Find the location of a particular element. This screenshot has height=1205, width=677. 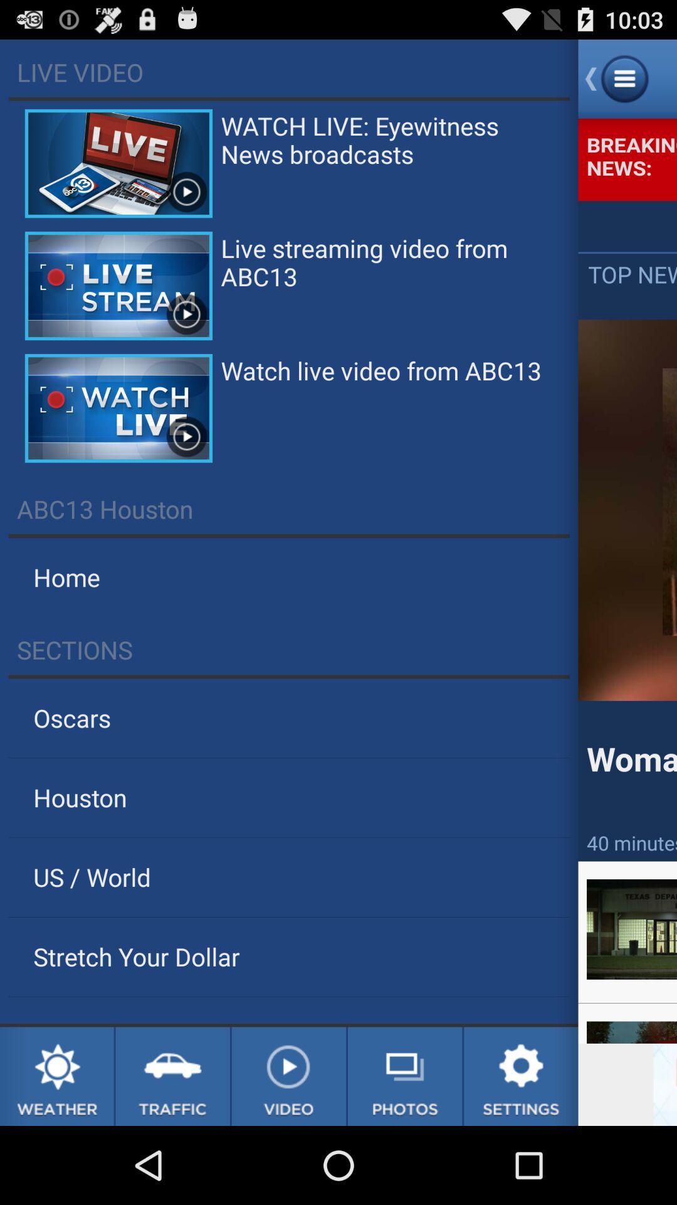

traffic update link is located at coordinates (172, 1076).